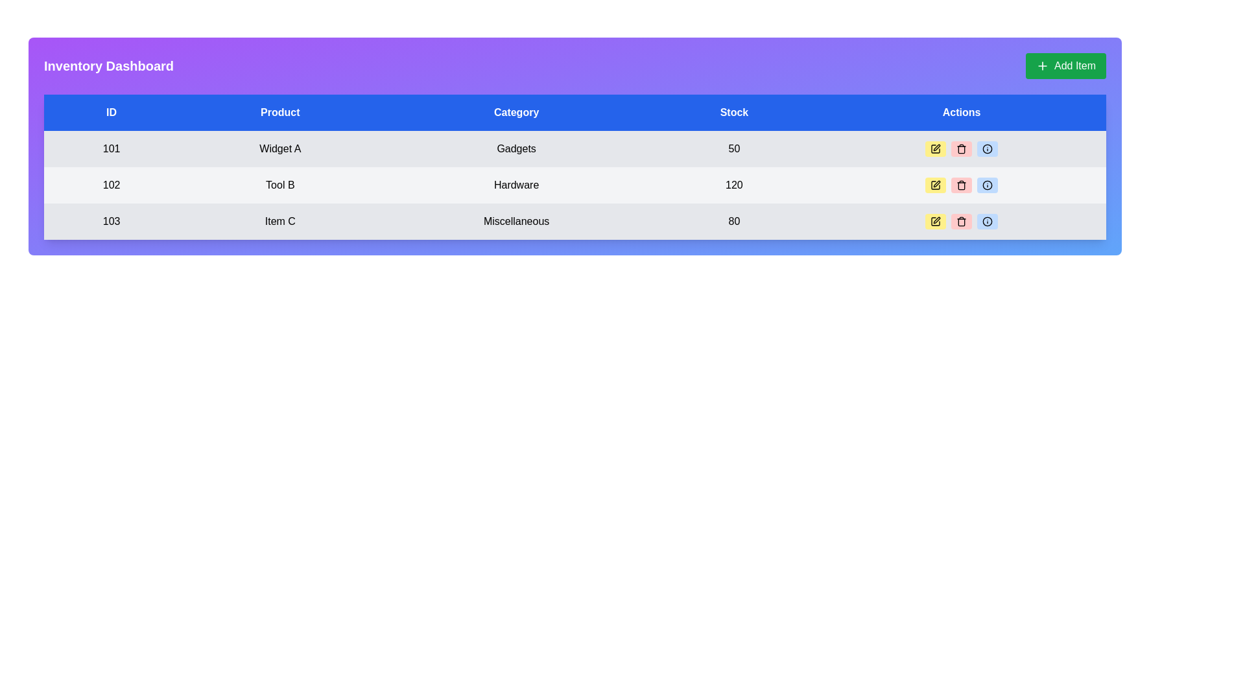 The height and width of the screenshot is (700, 1245). I want to click on the static text element displaying the numerical value '80' located in the fourth column of the third row under the 'Stock' header in the data table, so click(734, 221).